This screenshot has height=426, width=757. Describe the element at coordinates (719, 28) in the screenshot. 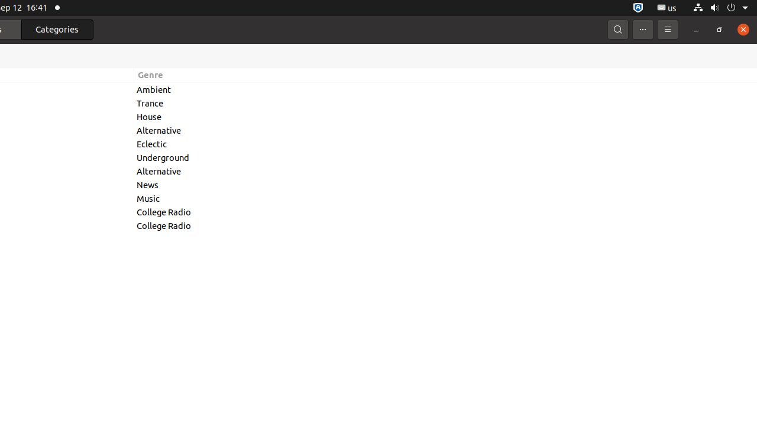

I see `'Restore'` at that location.